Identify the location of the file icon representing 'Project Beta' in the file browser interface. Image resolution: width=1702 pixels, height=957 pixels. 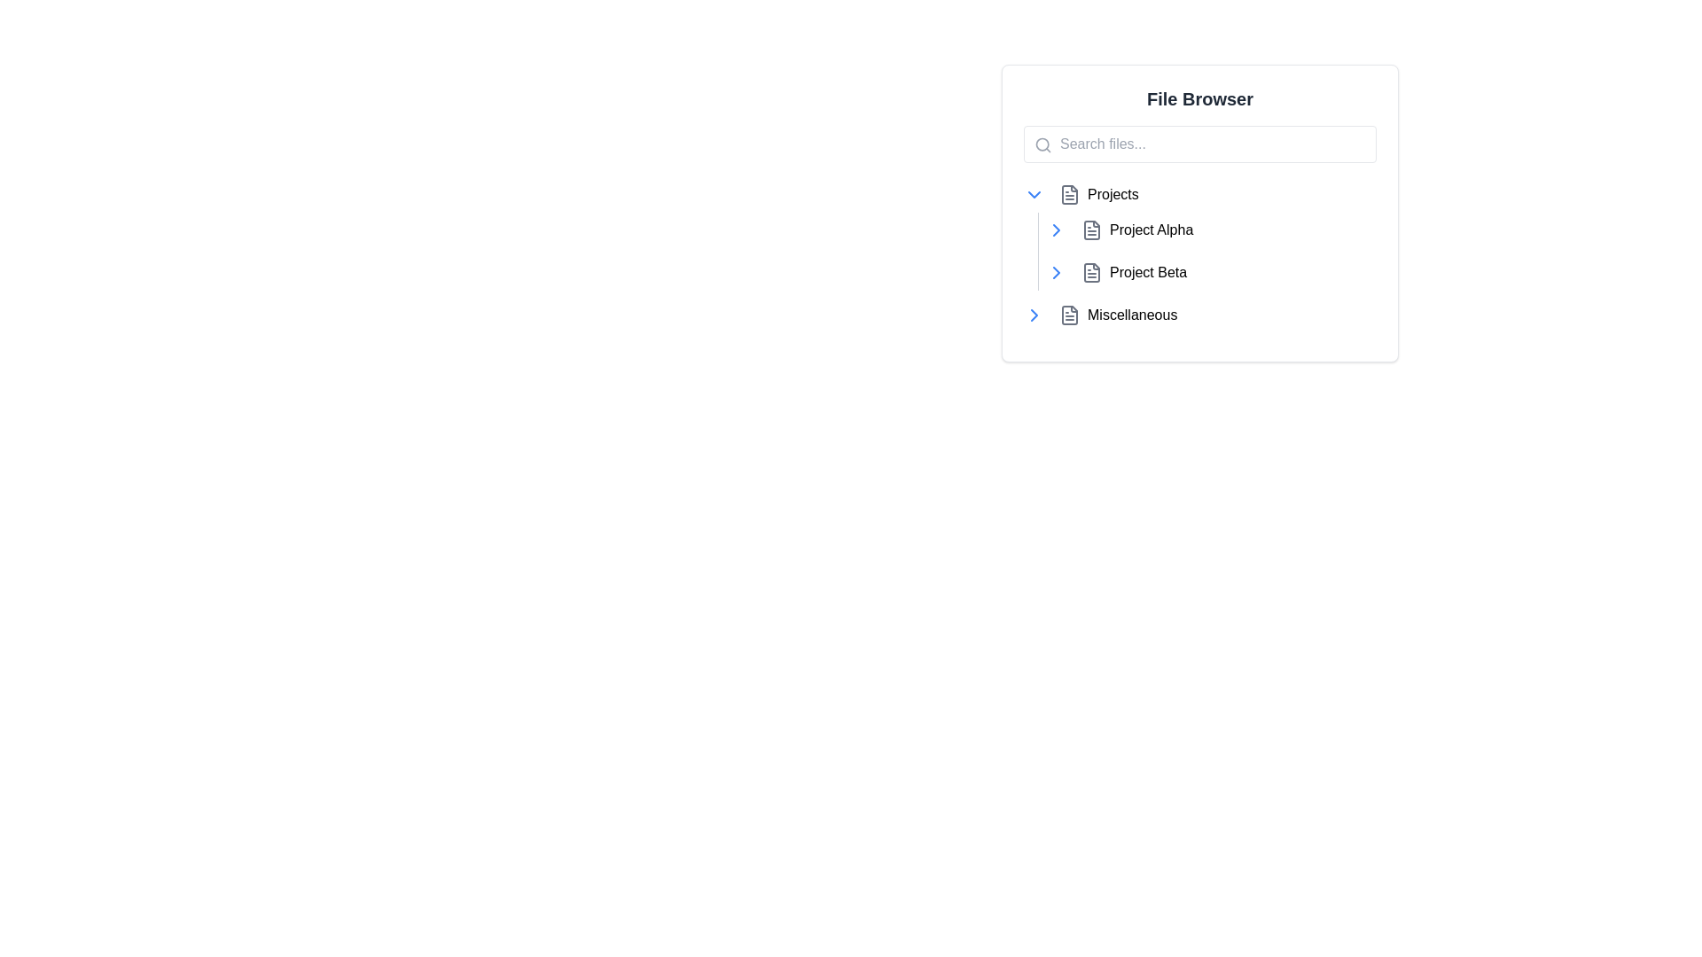
(1091, 273).